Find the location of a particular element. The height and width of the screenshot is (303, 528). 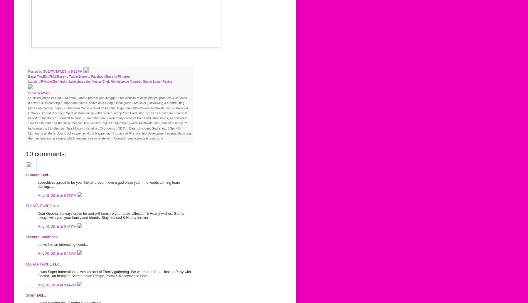

'Labels:' is located at coordinates (33, 81).